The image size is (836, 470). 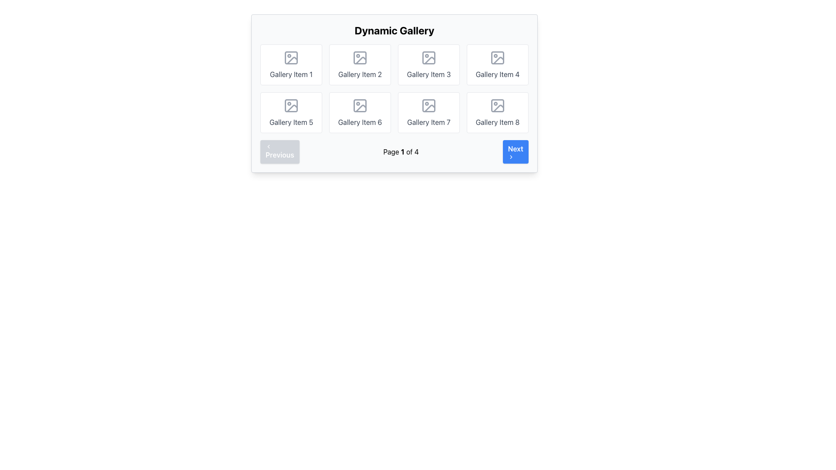 I want to click on the SVG rectangle that serves as the background shape for the icon in the Gallery Item 5 layout card located in the second row, first column of the grid, so click(x=291, y=105).